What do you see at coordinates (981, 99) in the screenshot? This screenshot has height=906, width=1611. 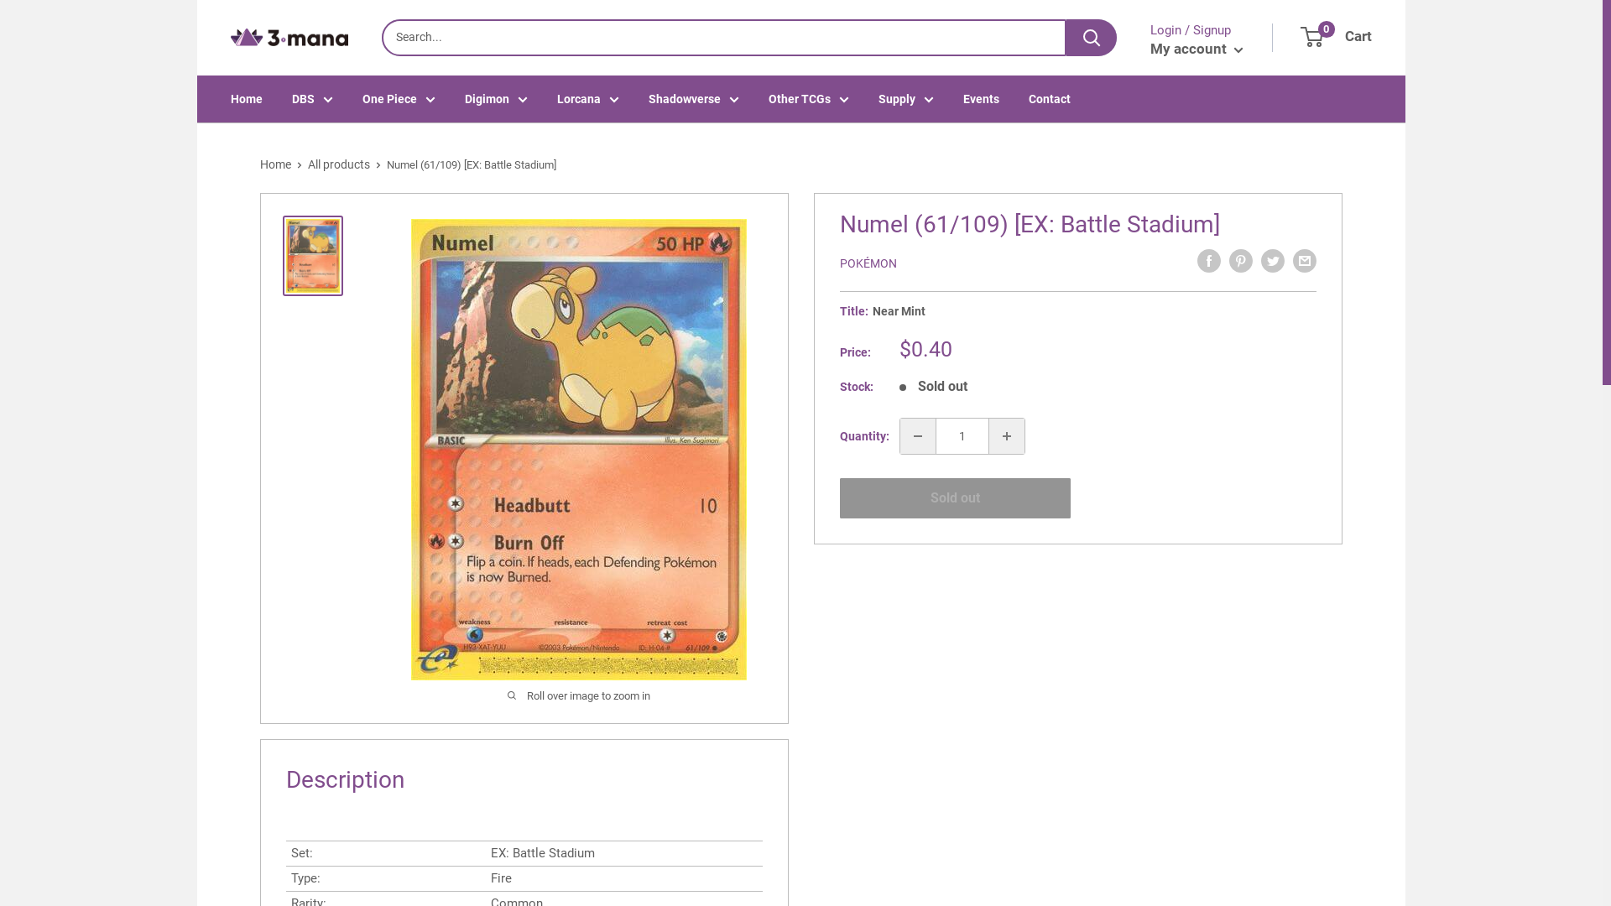 I see `'Events'` at bounding box center [981, 99].